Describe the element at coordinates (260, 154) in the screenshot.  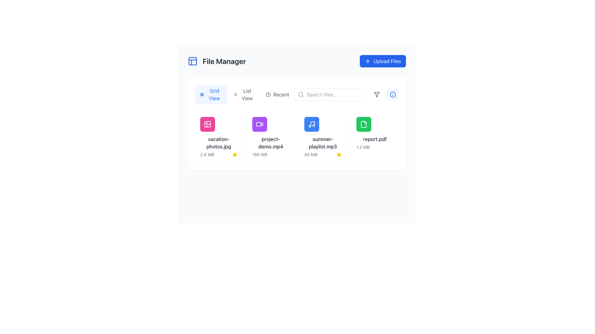
I see `the text label displaying '156 MB' which indicates the file size below the file card labeled 'project-demo.mp4' in the grid layout` at that location.